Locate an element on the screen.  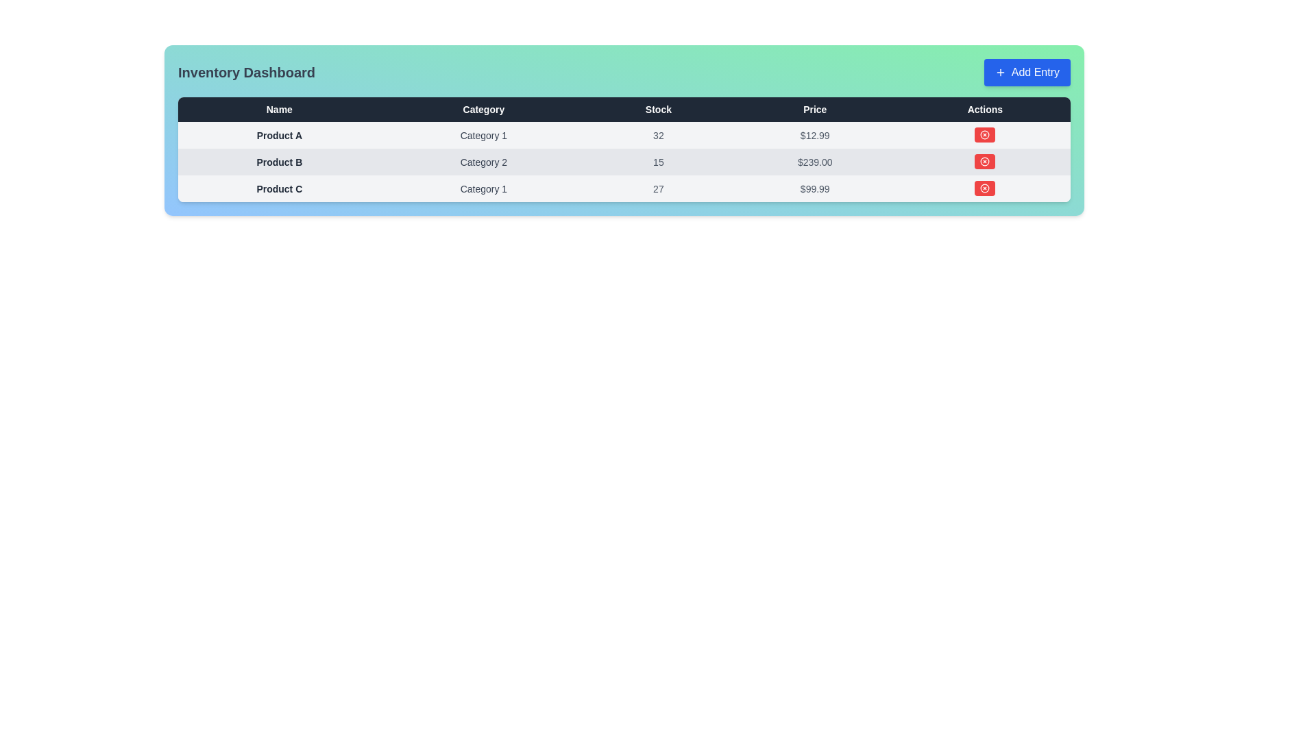
the 'Stock' label, which is a white text on a dark background, located as the third header cell in a table's header row is located at coordinates (658, 108).